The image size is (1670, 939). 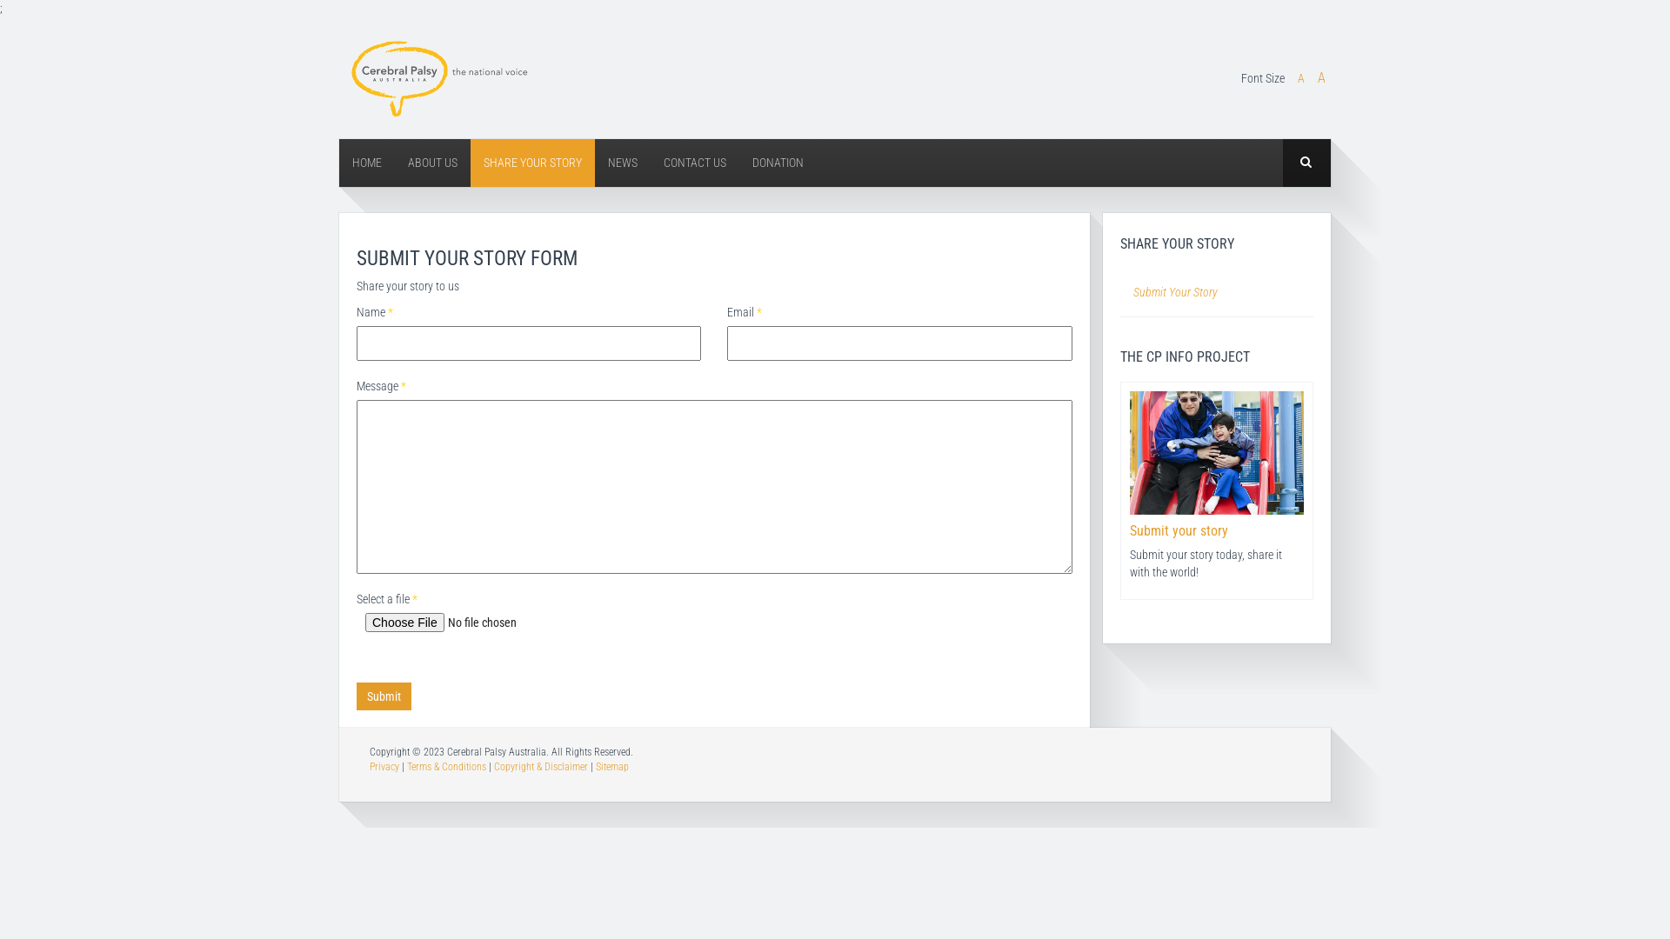 I want to click on 'ABOUT US', so click(x=432, y=163).